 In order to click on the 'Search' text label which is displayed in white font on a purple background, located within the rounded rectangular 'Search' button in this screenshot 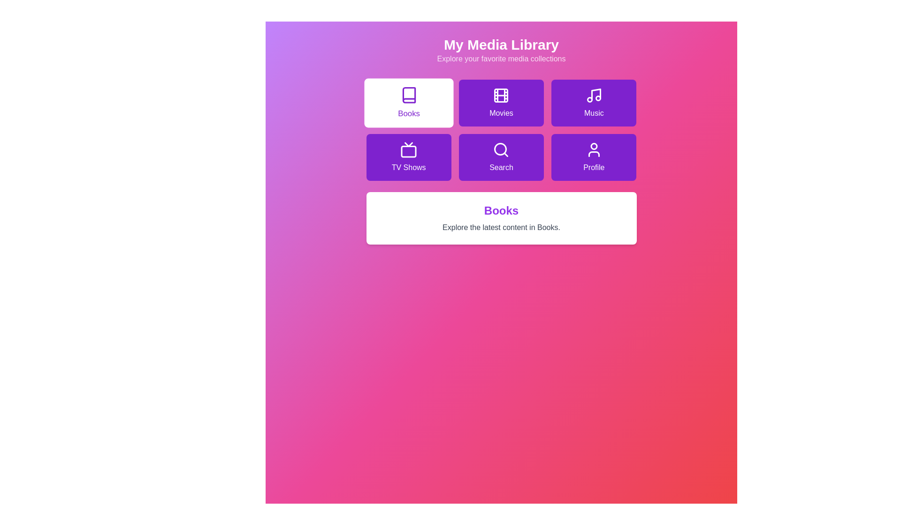, I will do `click(501, 167)`.